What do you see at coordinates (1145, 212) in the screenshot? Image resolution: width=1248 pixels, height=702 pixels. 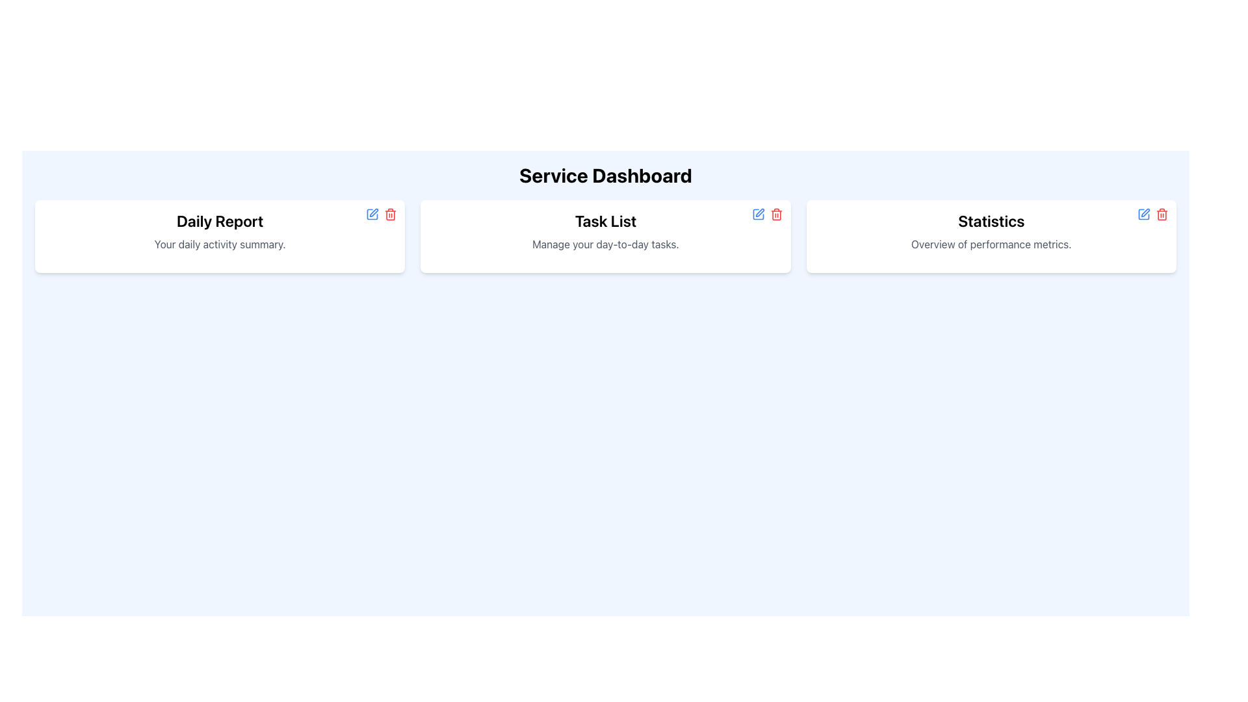 I see `the edit icon located in the top-right corner of the 'Statistics' card` at bounding box center [1145, 212].